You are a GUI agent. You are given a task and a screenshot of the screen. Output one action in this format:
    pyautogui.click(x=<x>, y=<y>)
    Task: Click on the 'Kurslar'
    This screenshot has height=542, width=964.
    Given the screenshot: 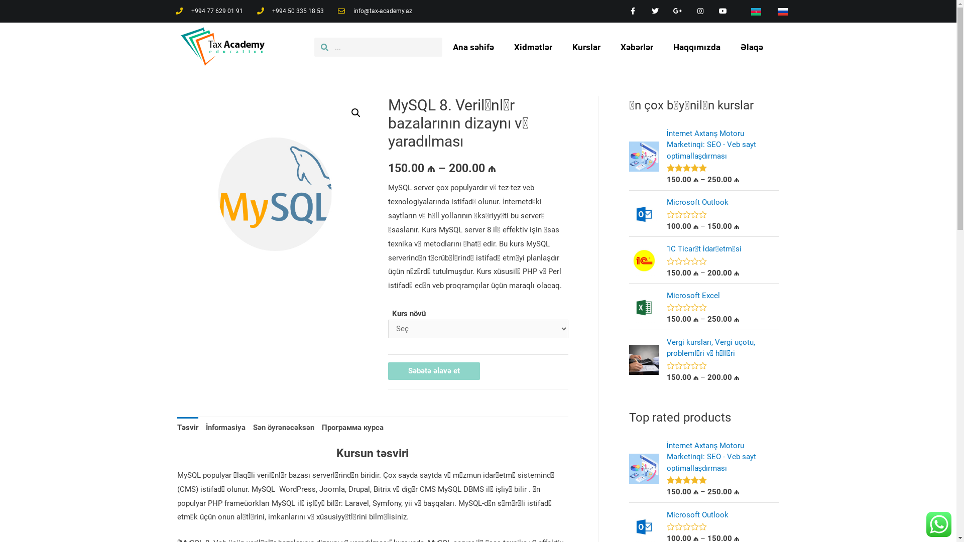 What is the action you would take?
    pyautogui.click(x=586, y=47)
    